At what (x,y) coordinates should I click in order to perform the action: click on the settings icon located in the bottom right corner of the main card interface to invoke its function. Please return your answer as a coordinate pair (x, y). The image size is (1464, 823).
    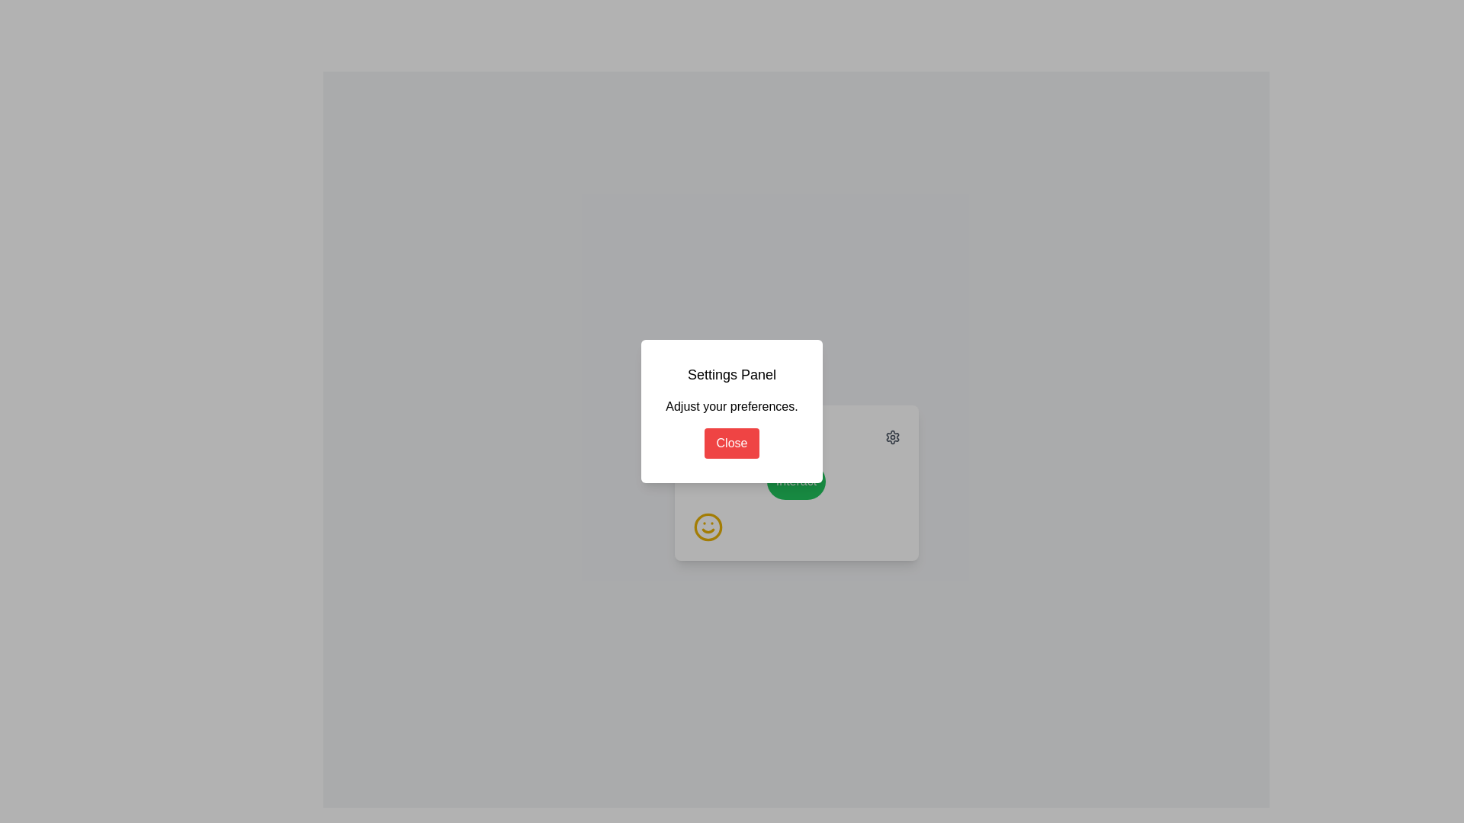
    Looking at the image, I should click on (892, 437).